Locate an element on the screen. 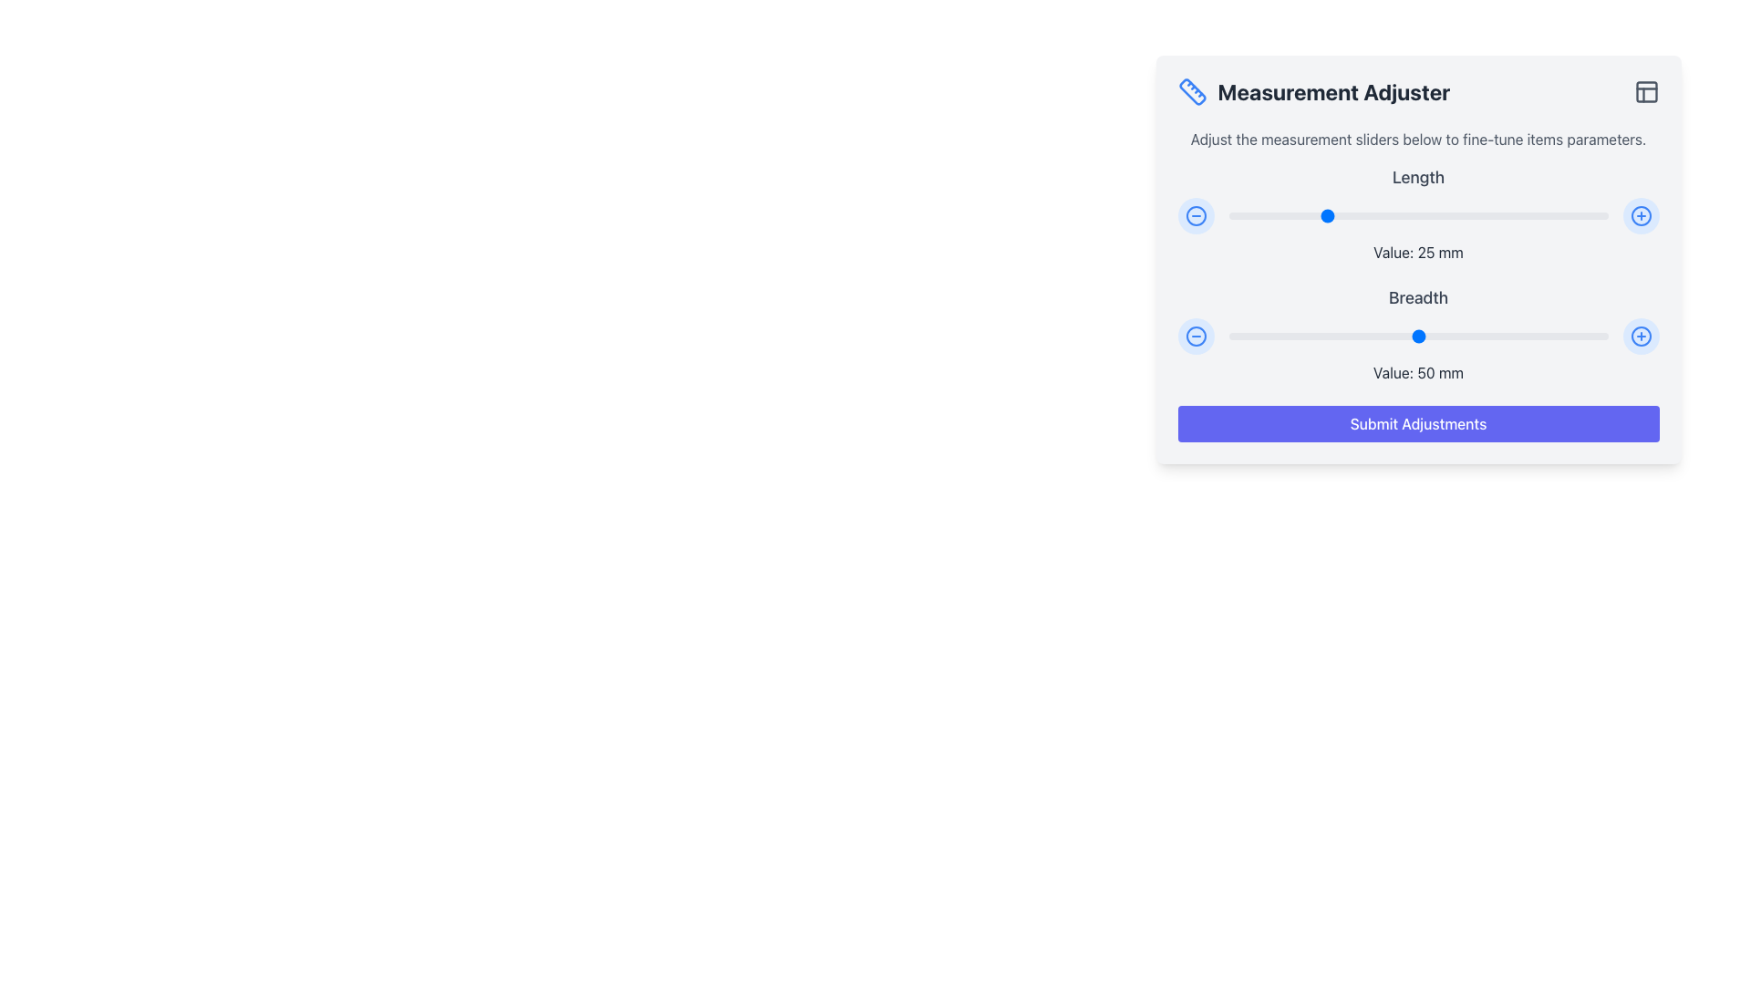 Image resolution: width=1751 pixels, height=985 pixels. the circular blue icon with a horizontal minus symbol, styled as a button, located to the left of the breadth slider labeled 'Value: 50 mm' is located at coordinates (1196, 337).